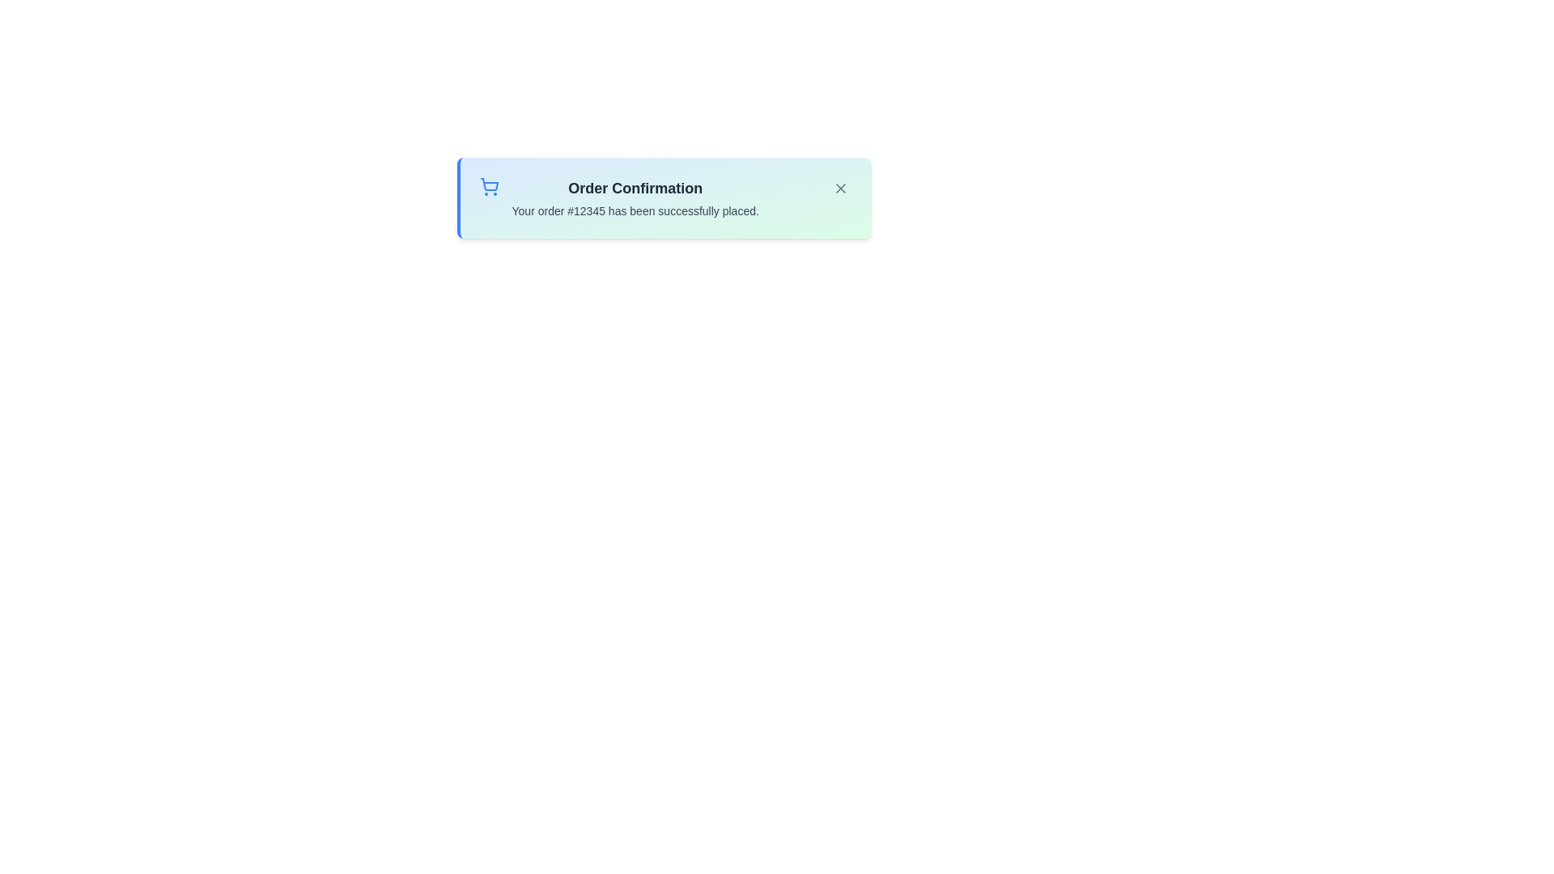 This screenshot has width=1554, height=874. What do you see at coordinates (635, 197) in the screenshot?
I see `the text 'Order ConfirmationYour order #12345 has been successfully placed.' to select it` at bounding box center [635, 197].